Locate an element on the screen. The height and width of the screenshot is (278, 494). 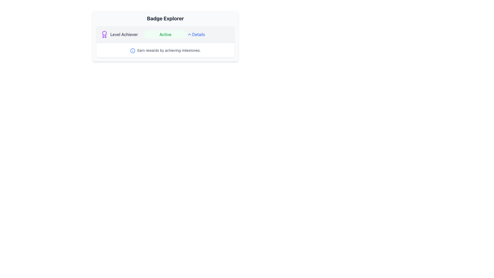
the 'Active' text label within the status indicator component, which is located in the 'Badge Explorer' section, positioned between 'Level Achiever' and 'Details' is located at coordinates (165, 36).